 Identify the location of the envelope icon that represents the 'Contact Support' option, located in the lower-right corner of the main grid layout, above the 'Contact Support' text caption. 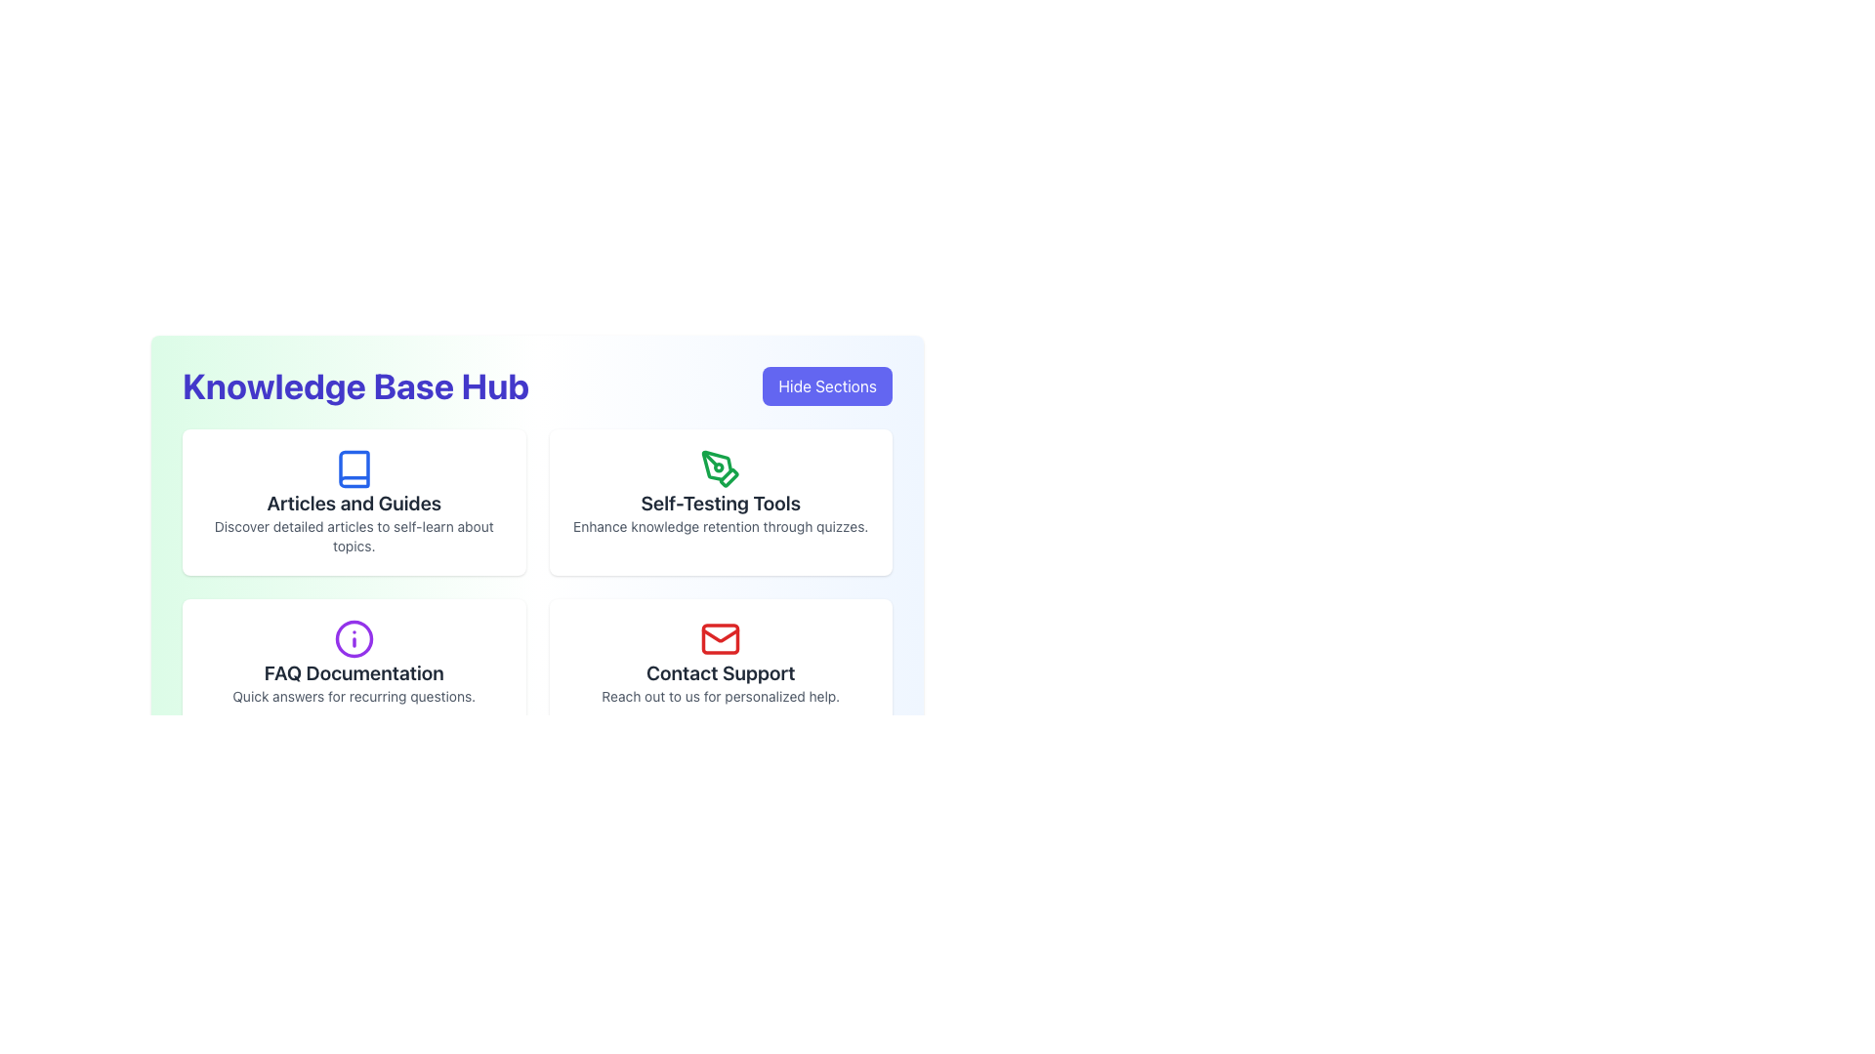
(720, 639).